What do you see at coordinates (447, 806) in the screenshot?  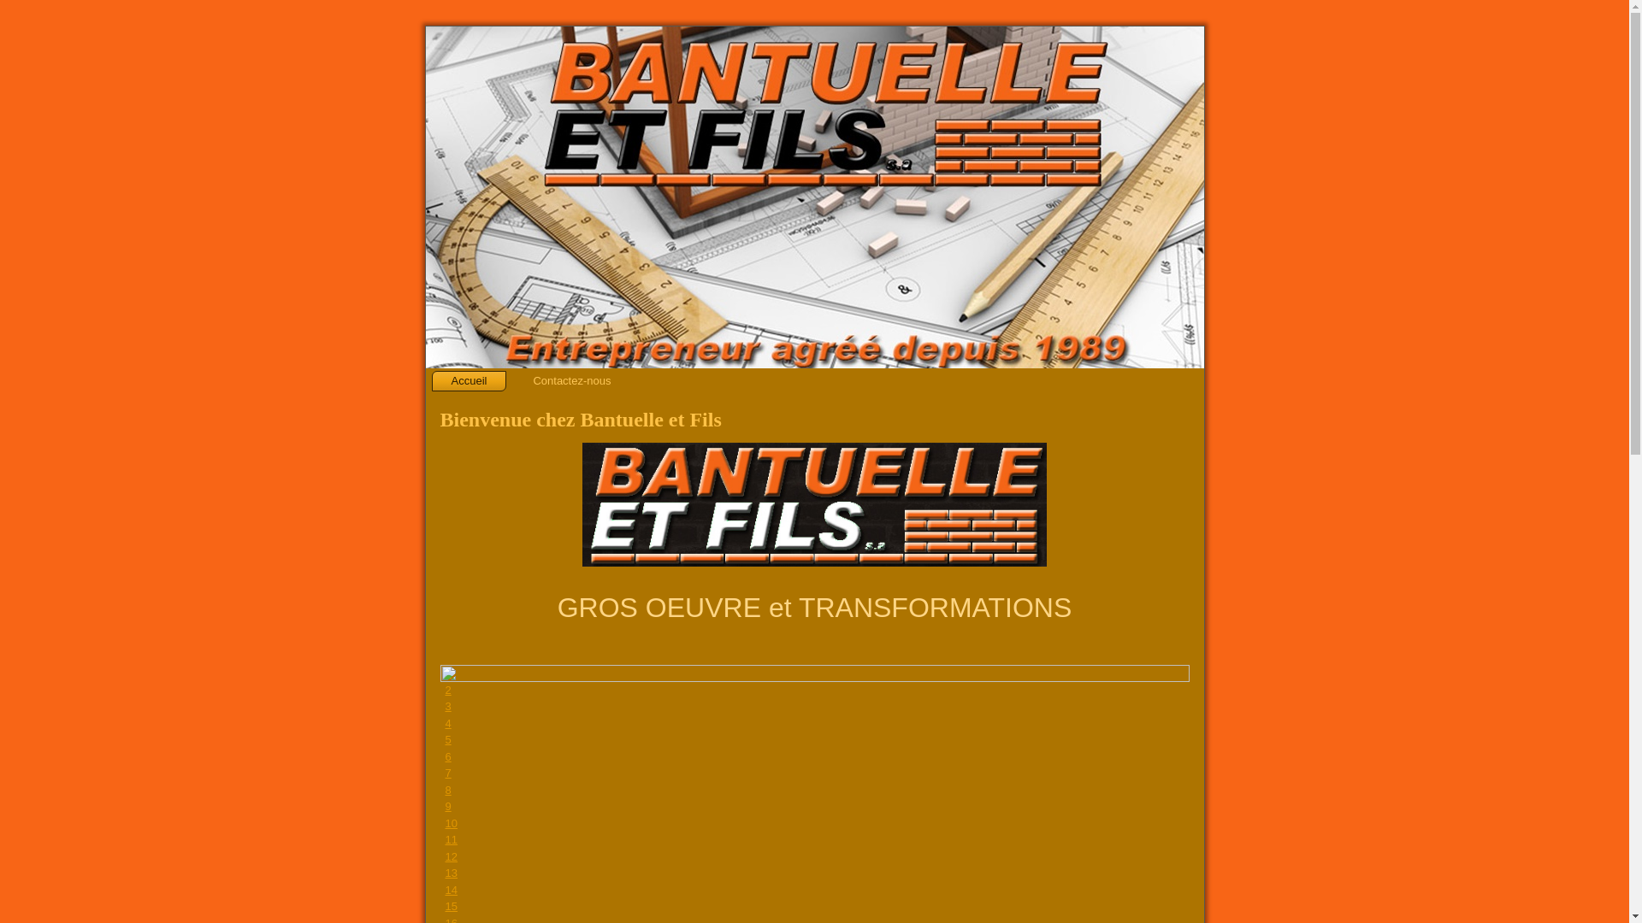 I see `'9'` at bounding box center [447, 806].